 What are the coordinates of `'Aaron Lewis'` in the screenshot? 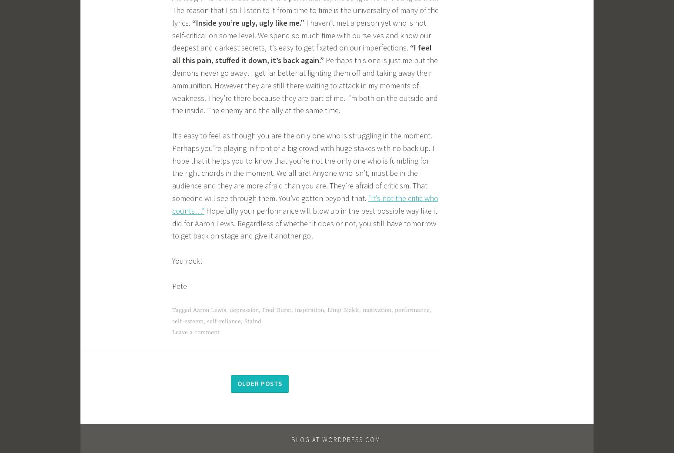 It's located at (209, 309).